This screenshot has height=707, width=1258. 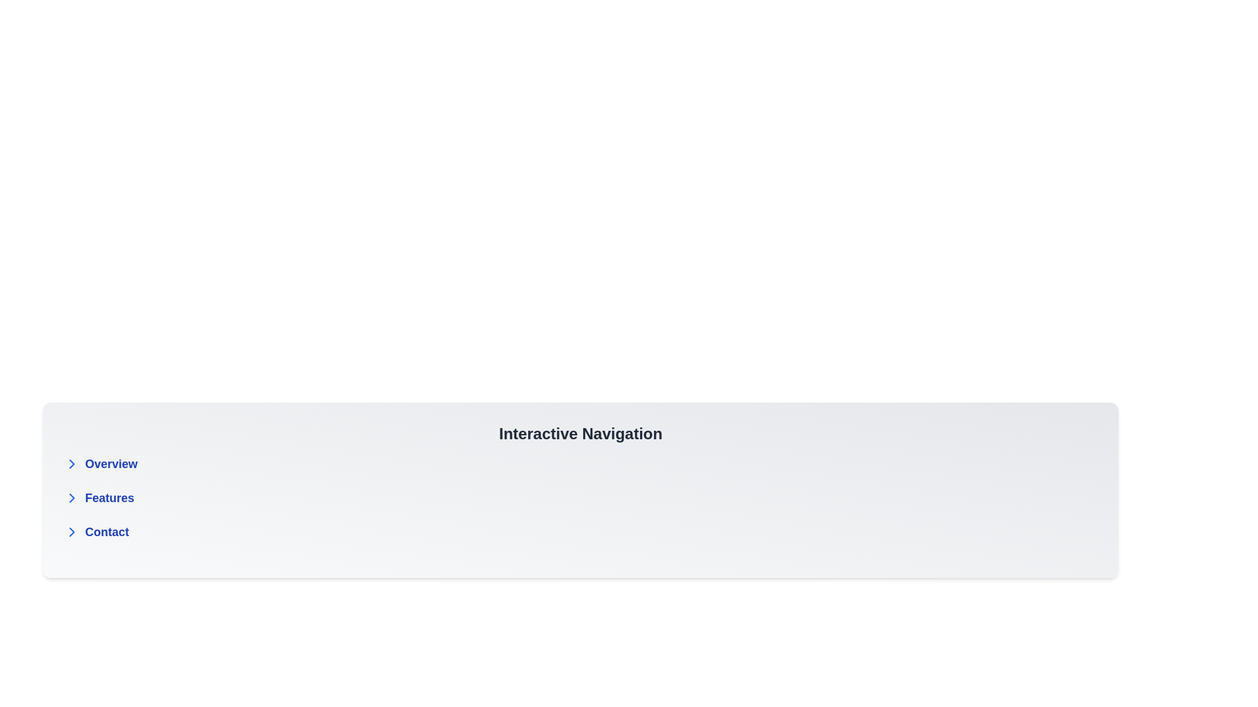 What do you see at coordinates (71, 463) in the screenshot?
I see `the chevron icon located in the left section of the vertical navigation menu next to the 'Overview' item` at bounding box center [71, 463].